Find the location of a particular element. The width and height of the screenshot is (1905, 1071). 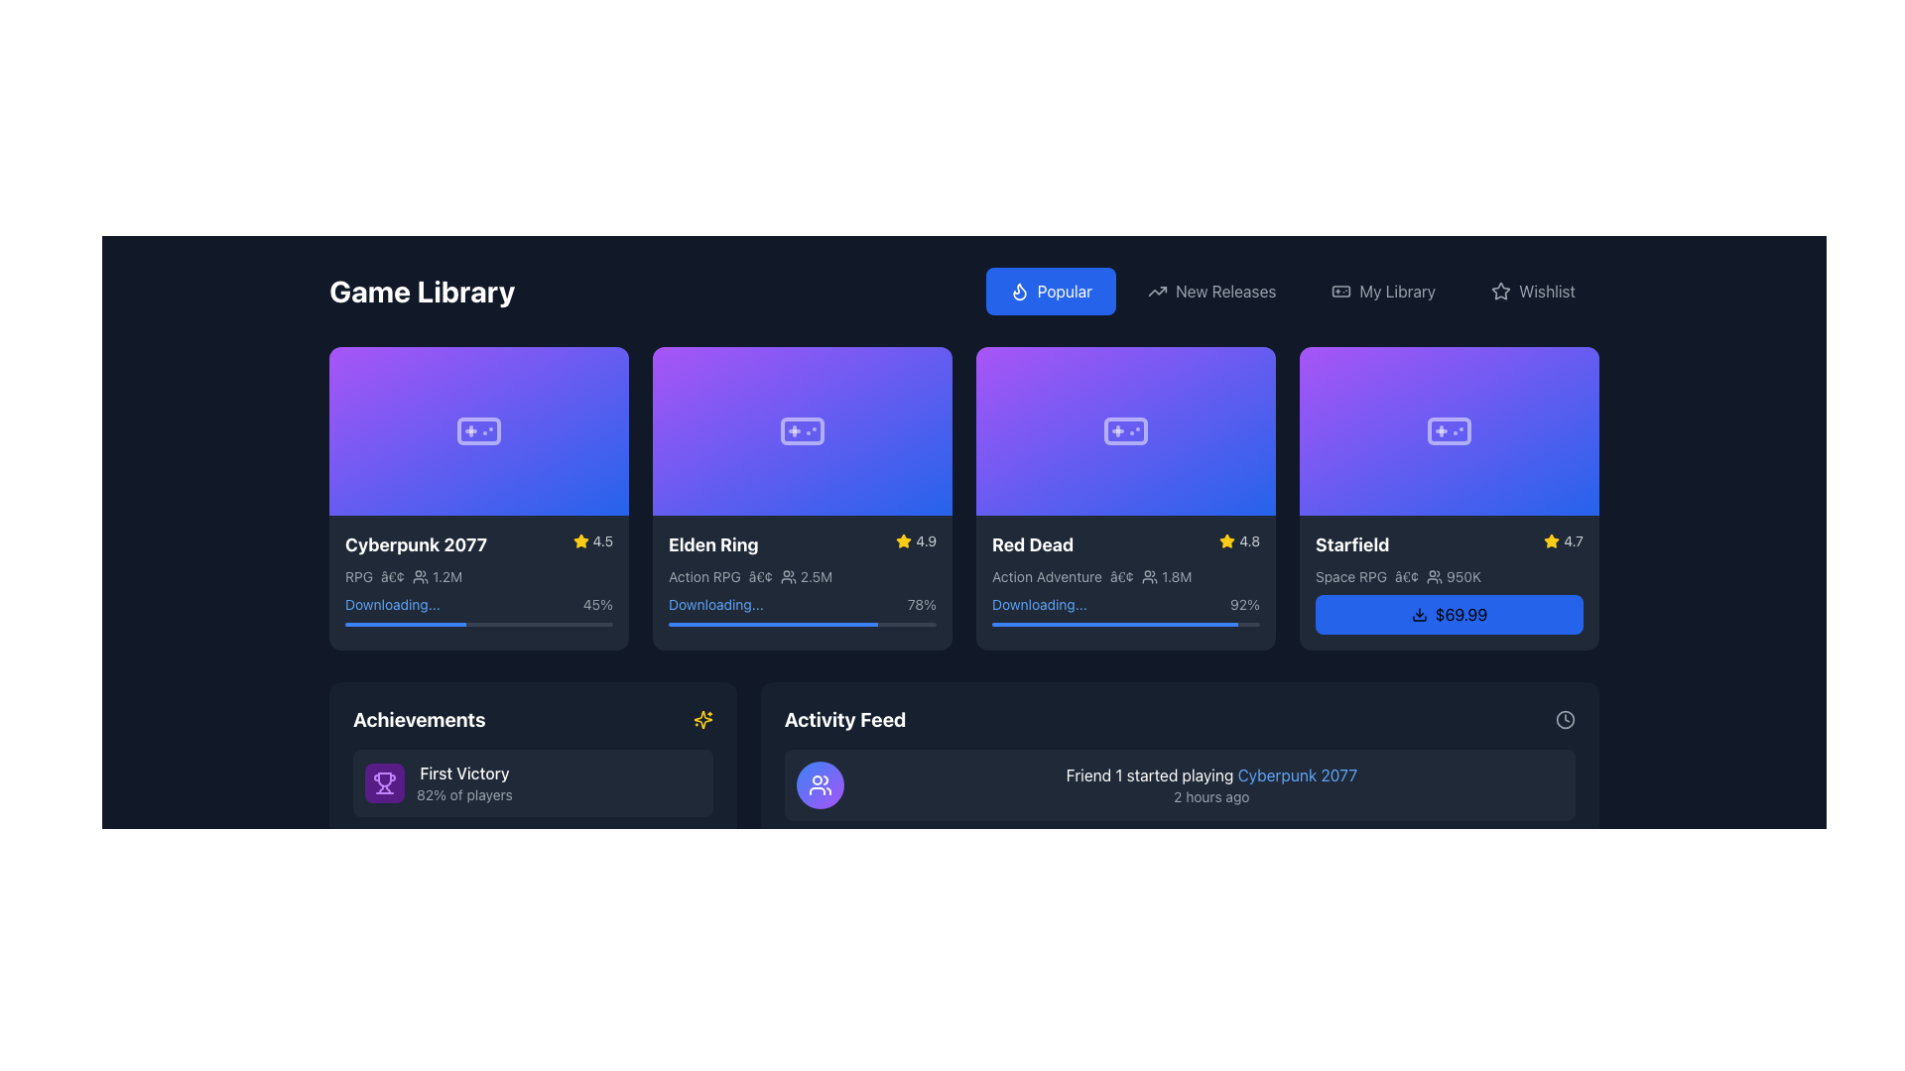

the visual indicator element that combines a yellow star icon and the gray '4.7' rating text, located in the top-right corner of the 'Starfield' card in the 'Game Library' section is located at coordinates (1563, 540).